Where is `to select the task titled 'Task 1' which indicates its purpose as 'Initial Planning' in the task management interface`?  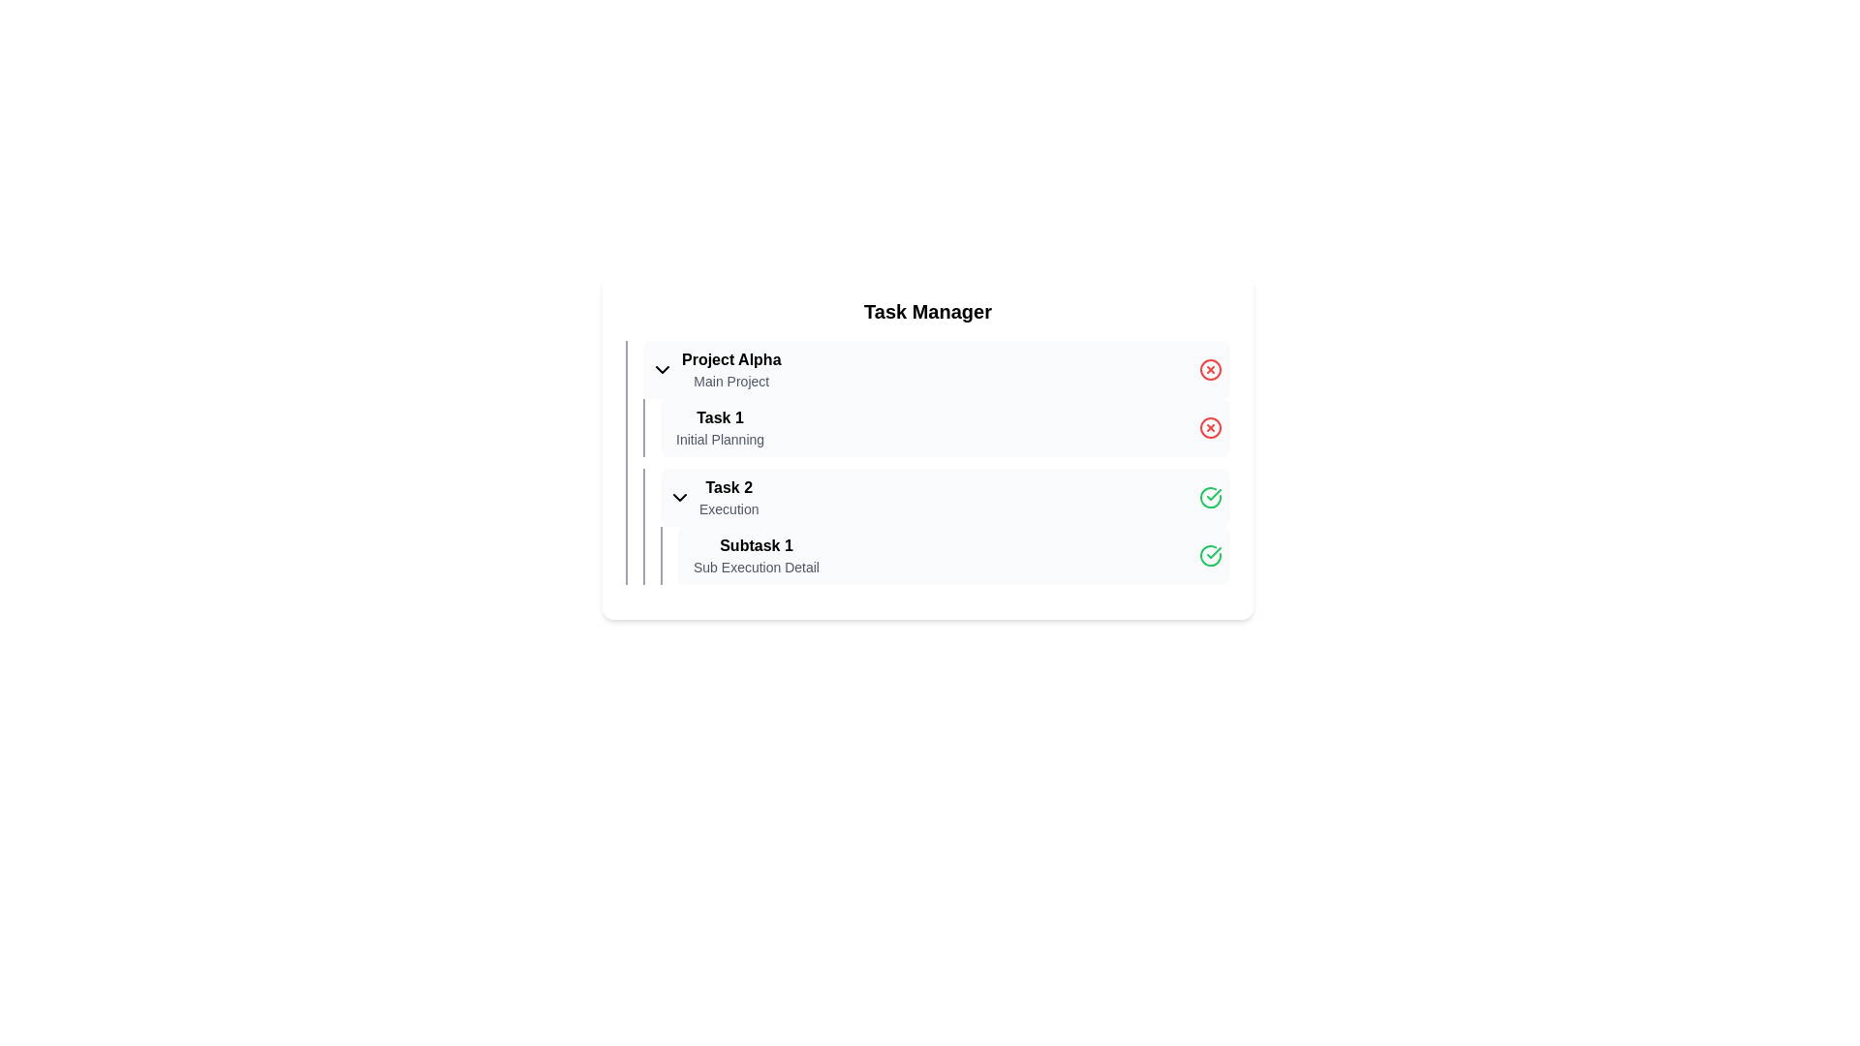 to select the task titled 'Task 1' which indicates its purpose as 'Initial Planning' in the task management interface is located at coordinates (719, 427).